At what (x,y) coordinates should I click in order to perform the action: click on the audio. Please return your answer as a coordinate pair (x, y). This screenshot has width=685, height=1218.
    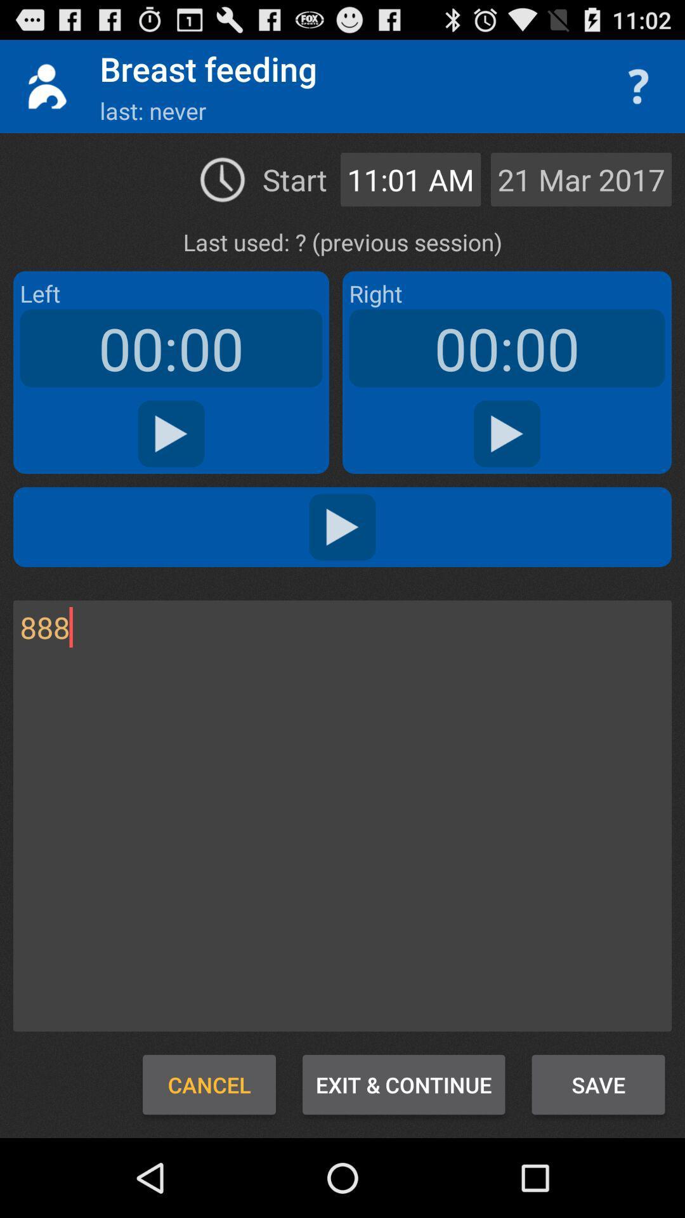
    Looking at the image, I should click on (342, 527).